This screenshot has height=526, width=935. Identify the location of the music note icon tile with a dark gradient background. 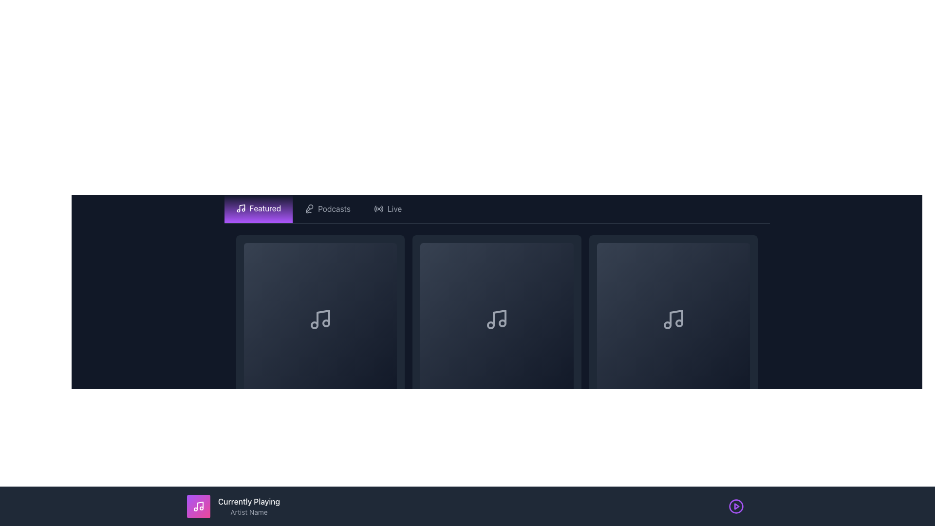
(497, 319).